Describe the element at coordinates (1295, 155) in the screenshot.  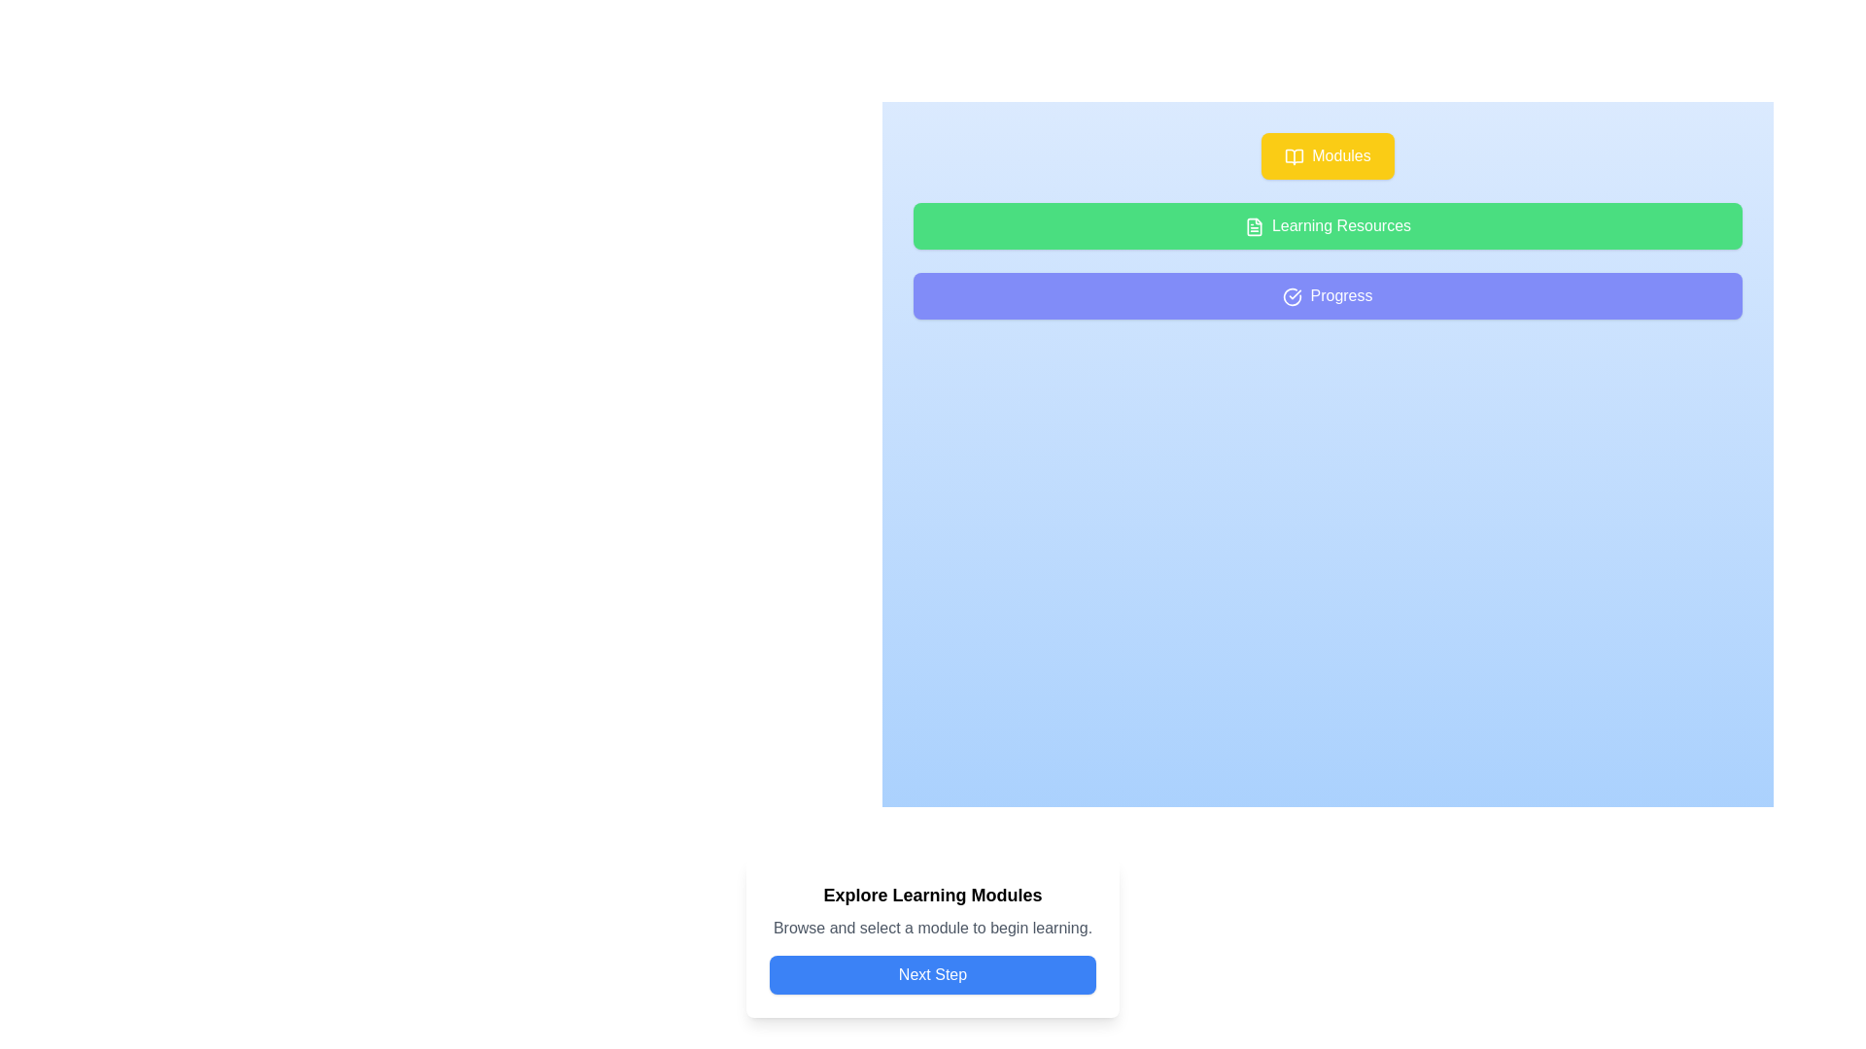
I see `the icon located on the left side of the 'Modules' yellow button, which represents a module or collection of content` at that location.